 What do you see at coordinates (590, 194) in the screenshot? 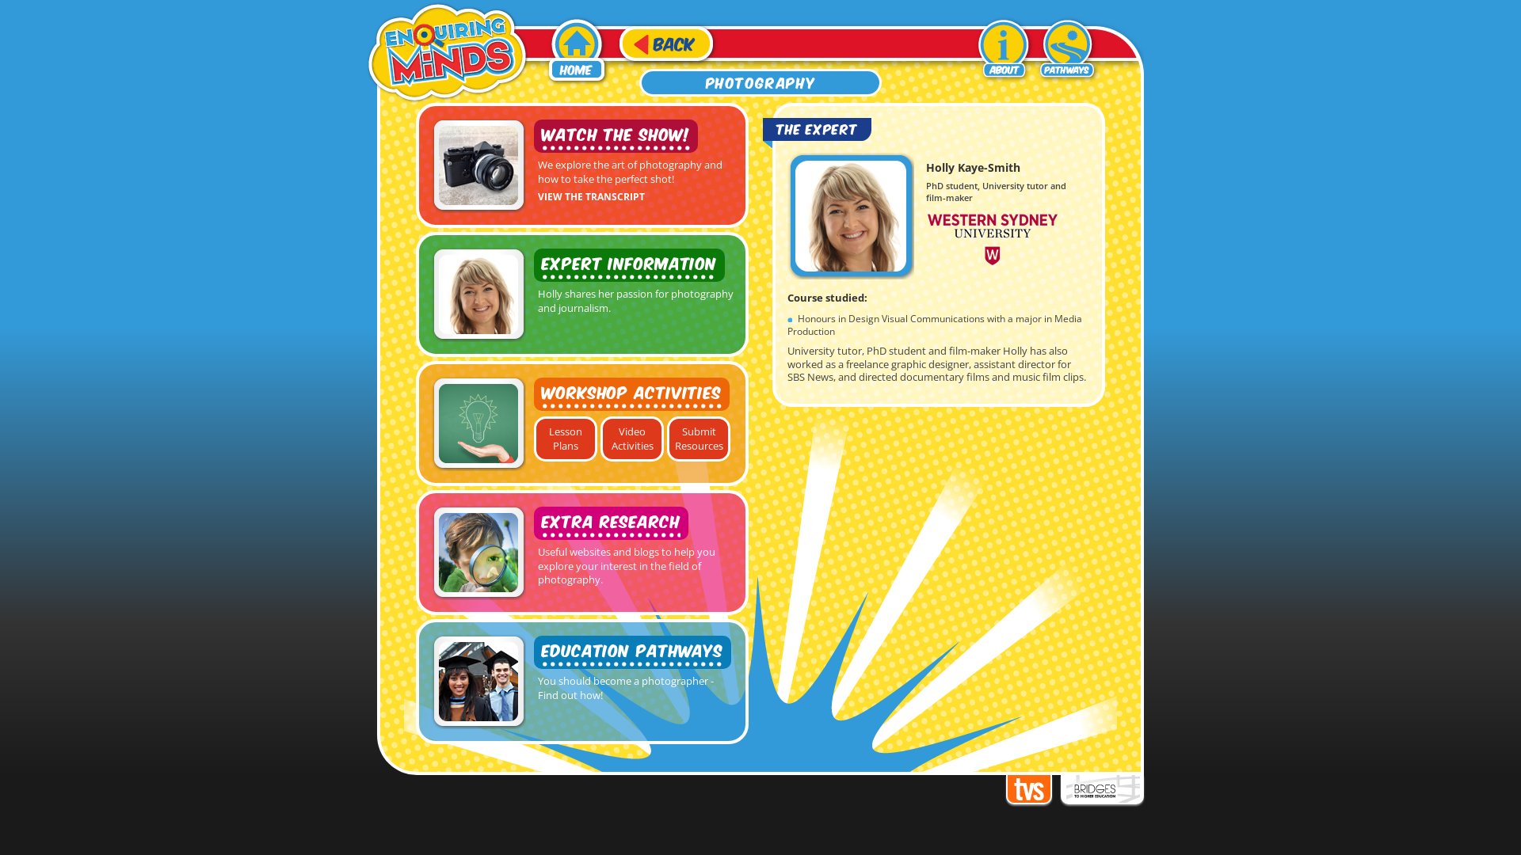
I see `'VIEW THE TRANSCRIPT'` at bounding box center [590, 194].